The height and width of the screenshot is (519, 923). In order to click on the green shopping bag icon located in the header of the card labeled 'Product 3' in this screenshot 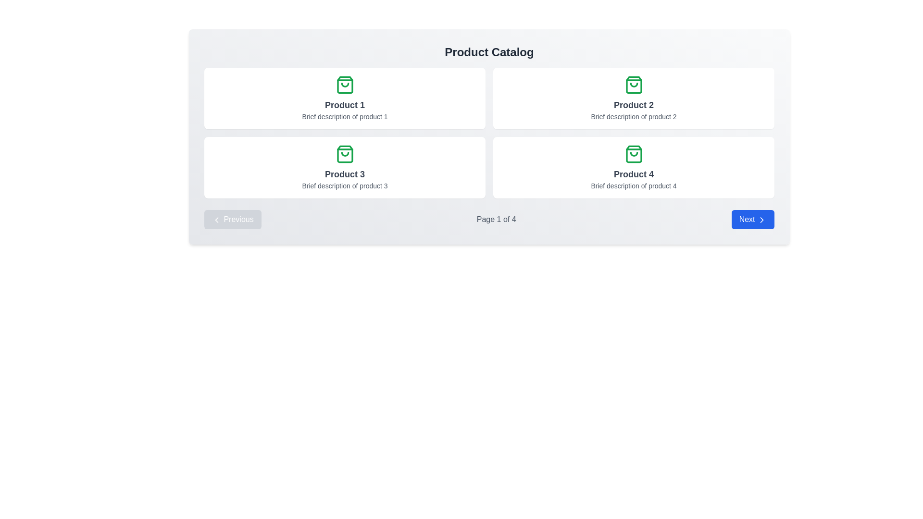, I will do `click(345, 153)`.